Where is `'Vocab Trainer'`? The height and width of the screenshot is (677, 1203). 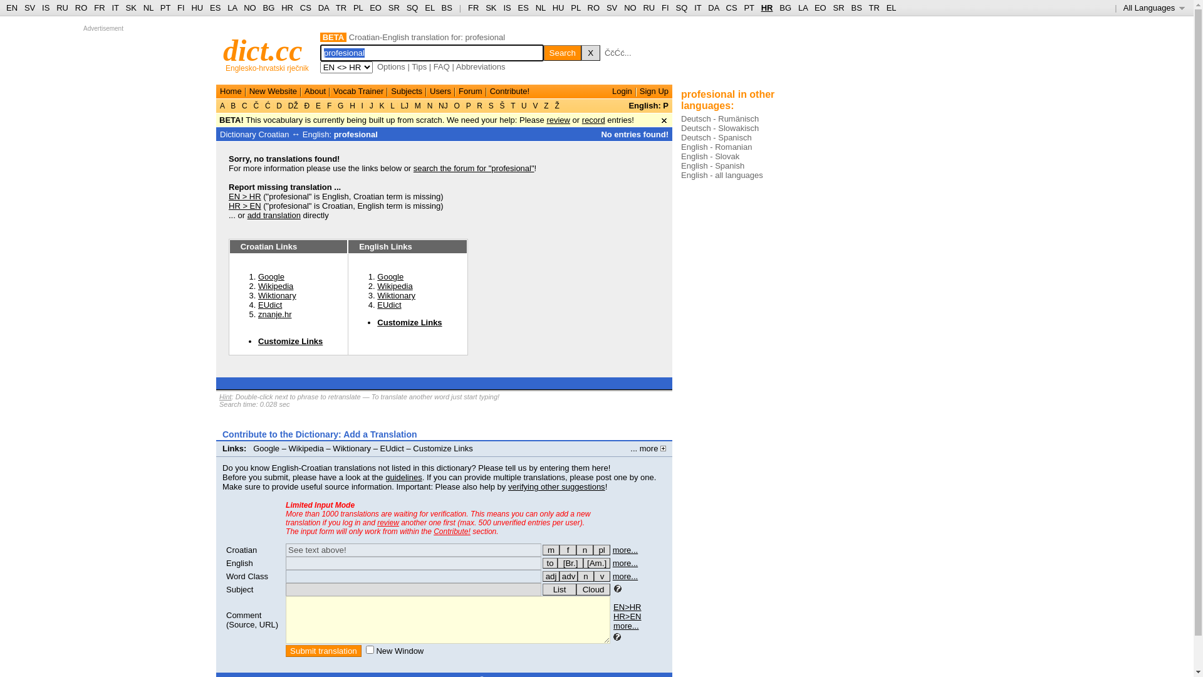
'Vocab Trainer' is located at coordinates (357, 90).